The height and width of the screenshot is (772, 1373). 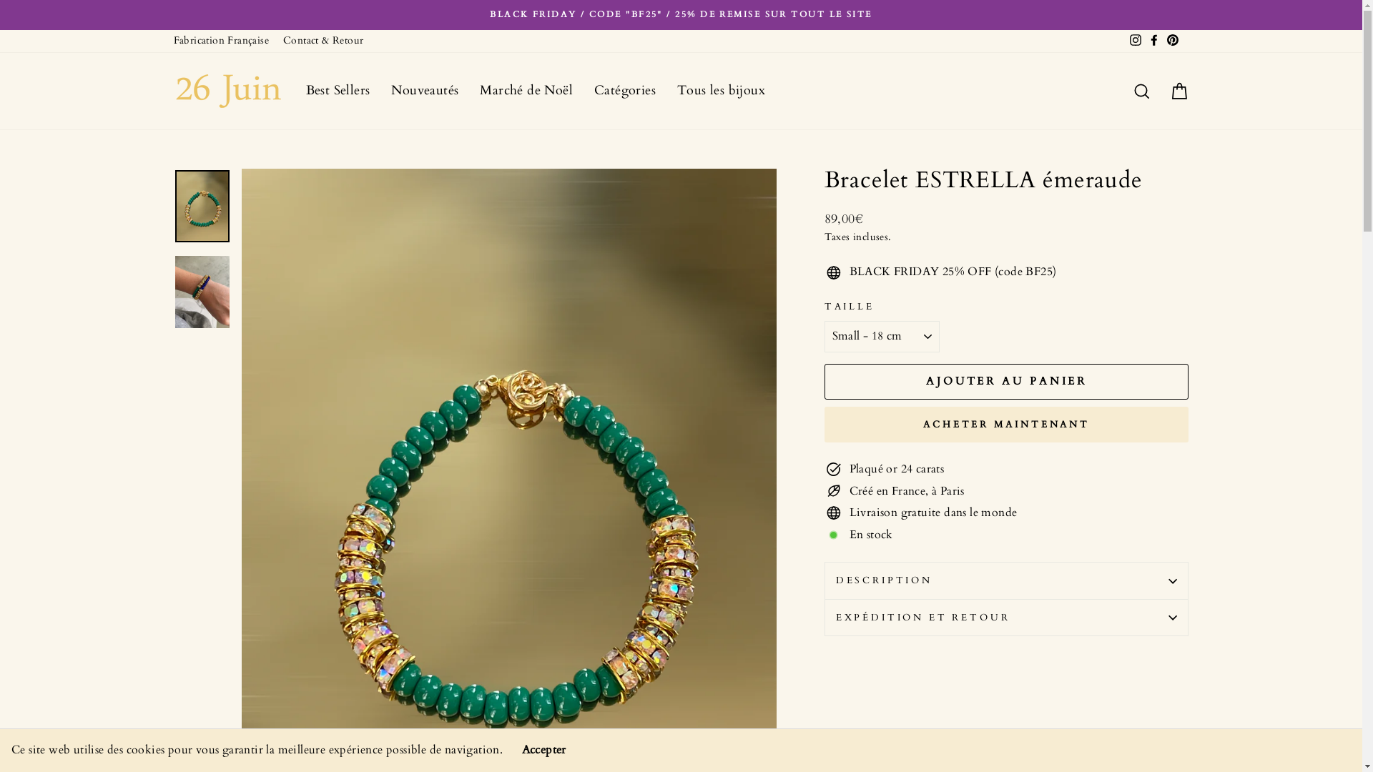 What do you see at coordinates (1171, 40) in the screenshot?
I see `'Pinterest'` at bounding box center [1171, 40].